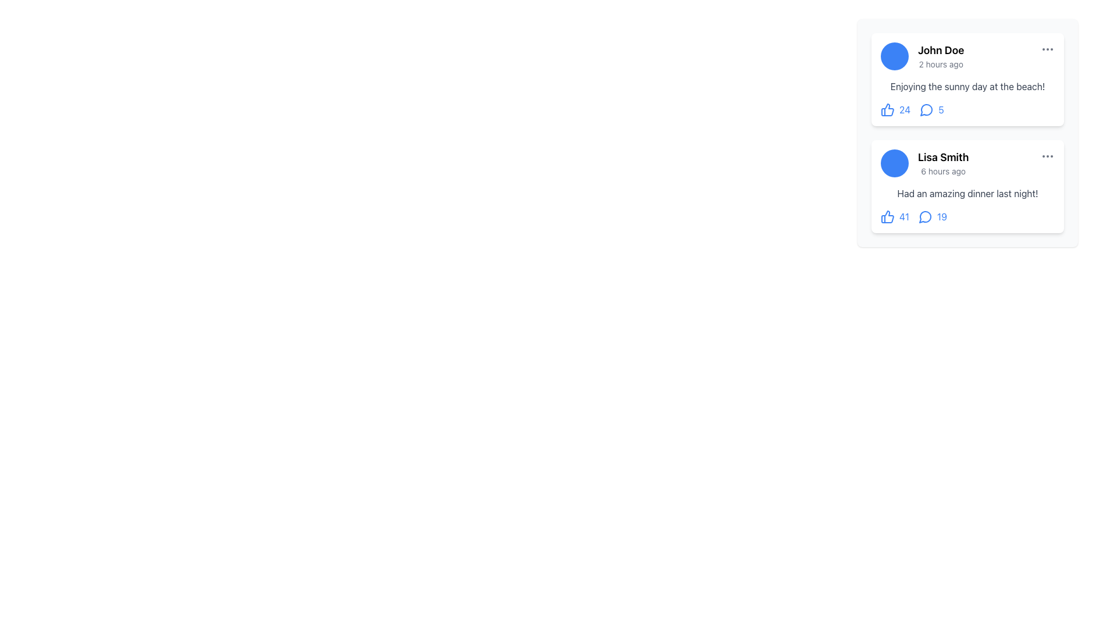  I want to click on the blue circular avatar or profile picture located on the left side of the post interface, which contains the username 'John Doe' and the timestamp '2 hours ago', so click(894, 56).